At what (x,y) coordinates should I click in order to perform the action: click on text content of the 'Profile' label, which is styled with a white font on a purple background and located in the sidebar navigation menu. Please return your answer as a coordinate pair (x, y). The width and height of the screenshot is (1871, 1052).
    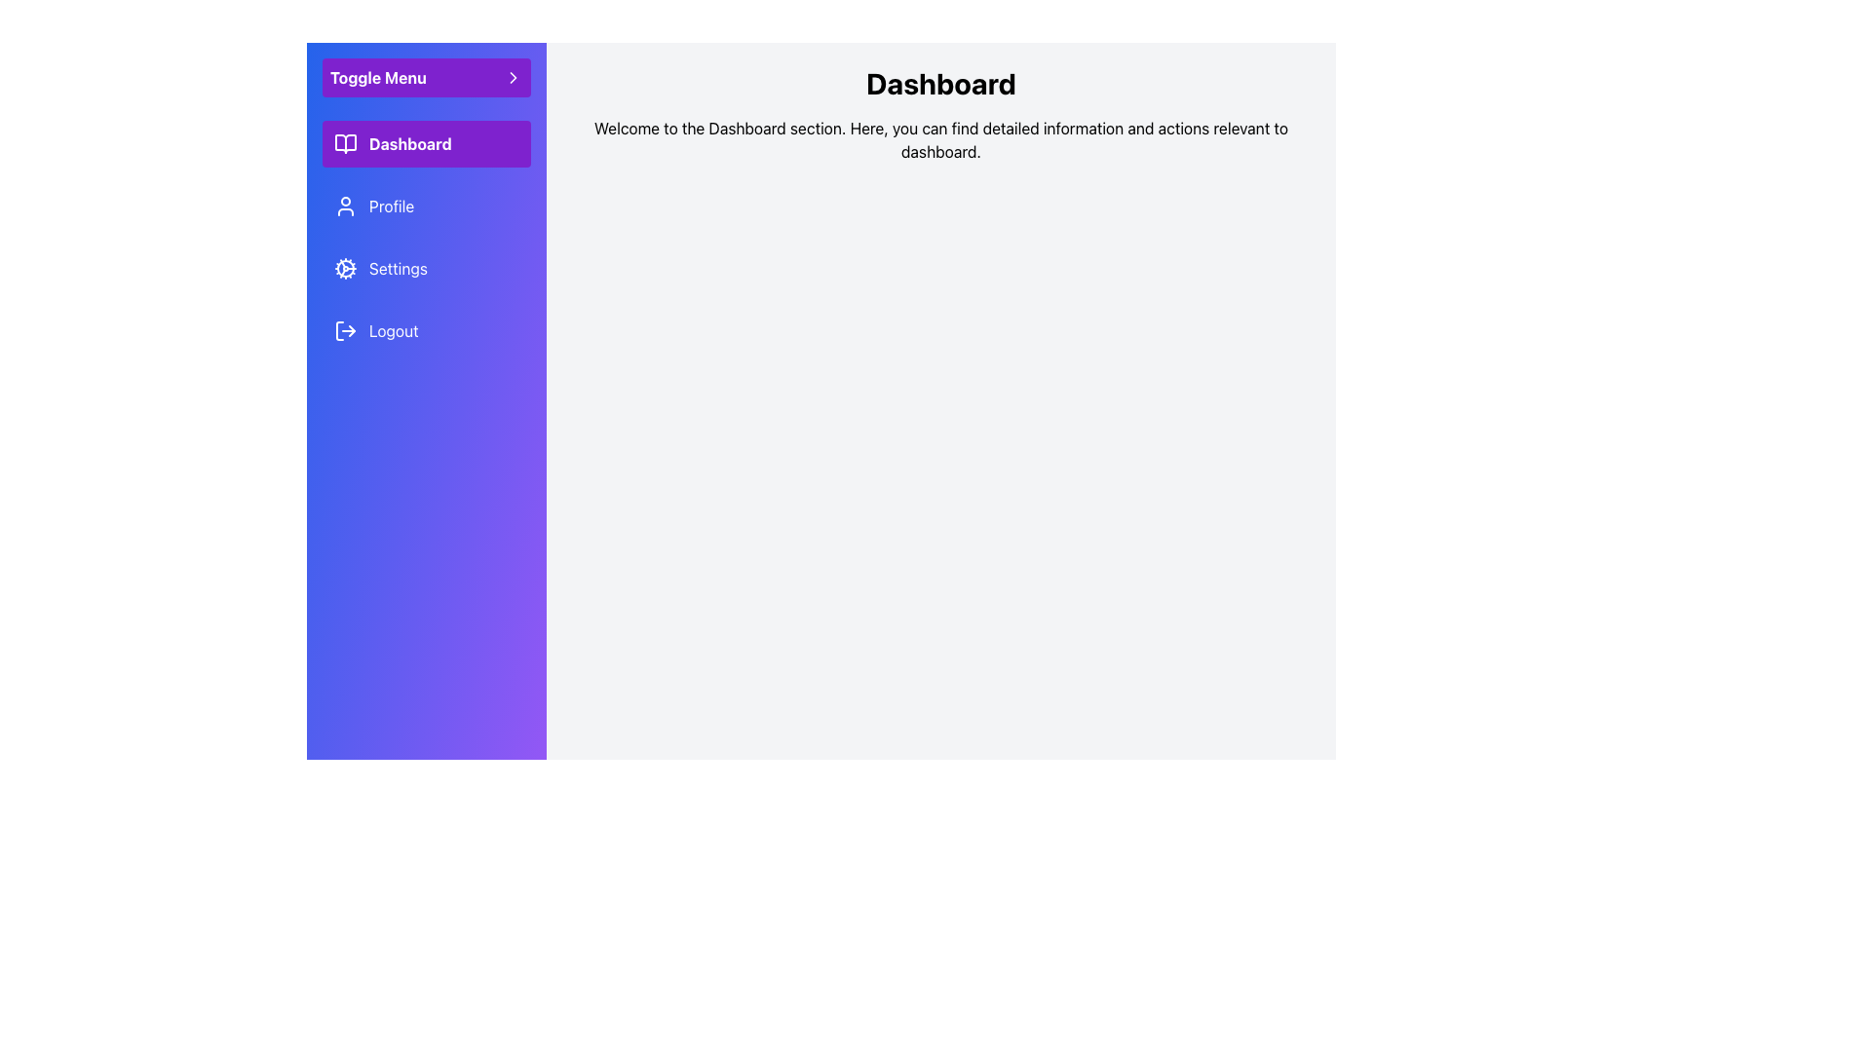
    Looking at the image, I should click on (391, 207).